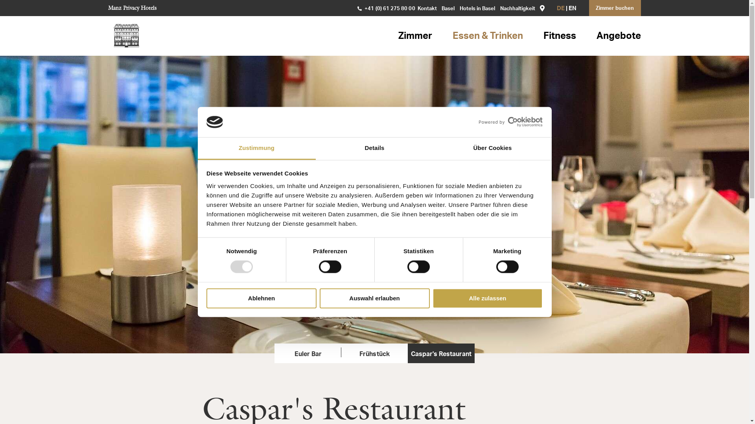 Image resolution: width=755 pixels, height=424 pixels. Describe the element at coordinates (441, 353) in the screenshot. I see `'Caspar's Restaurant'` at that location.